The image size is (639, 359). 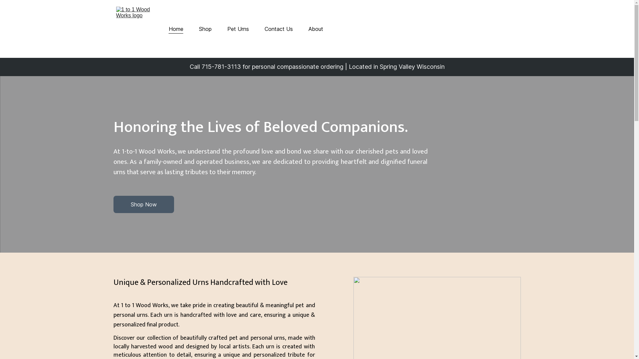 What do you see at coordinates (308, 29) in the screenshot?
I see `'About'` at bounding box center [308, 29].